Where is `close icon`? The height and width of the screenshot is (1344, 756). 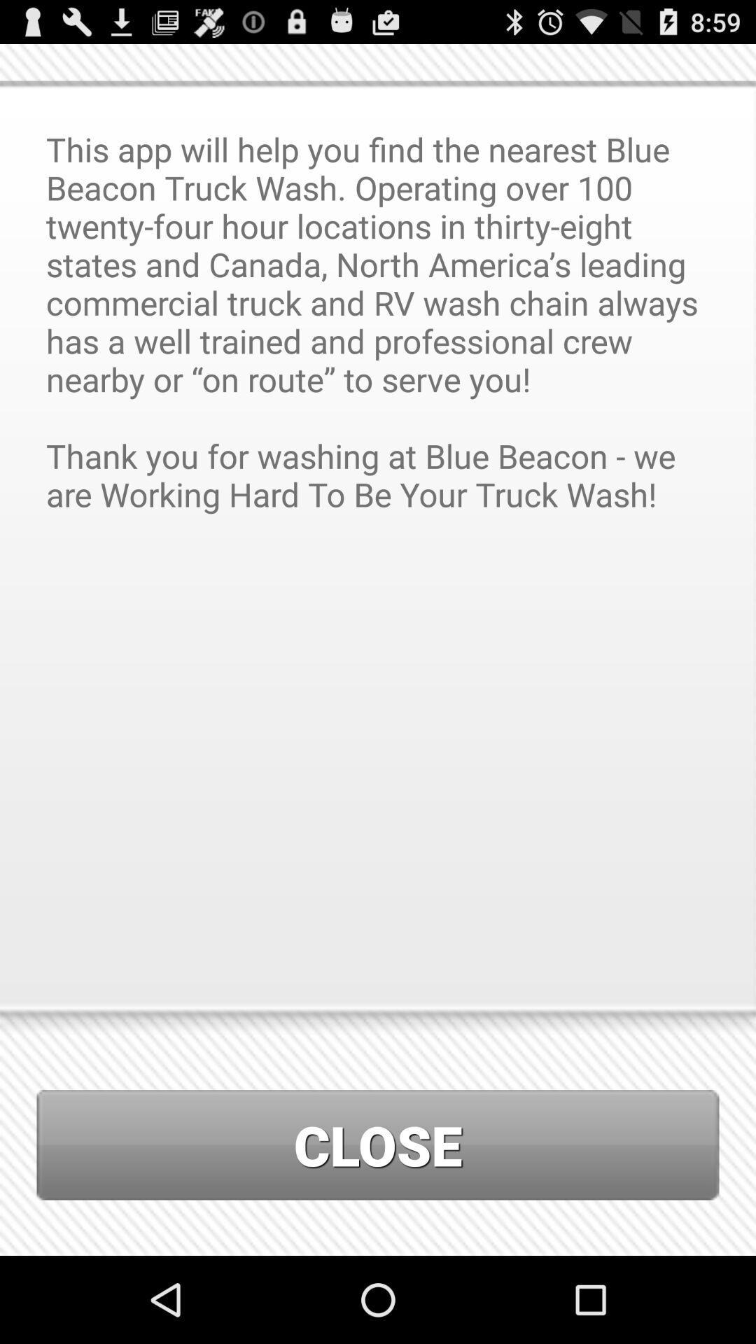
close icon is located at coordinates (378, 1144).